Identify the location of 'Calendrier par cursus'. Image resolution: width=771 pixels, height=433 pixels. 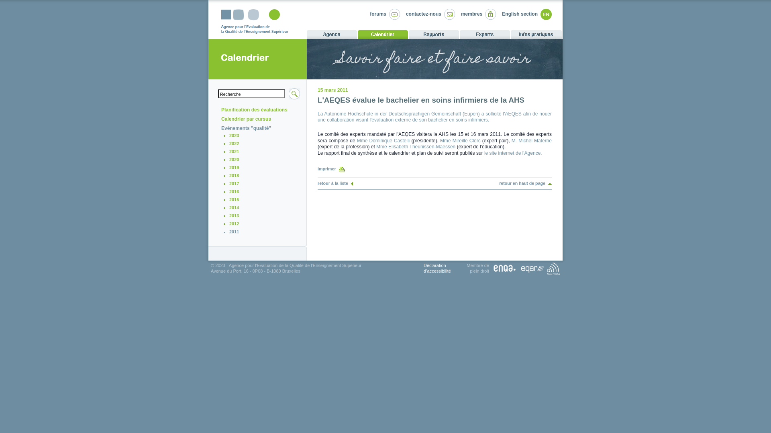
(246, 119).